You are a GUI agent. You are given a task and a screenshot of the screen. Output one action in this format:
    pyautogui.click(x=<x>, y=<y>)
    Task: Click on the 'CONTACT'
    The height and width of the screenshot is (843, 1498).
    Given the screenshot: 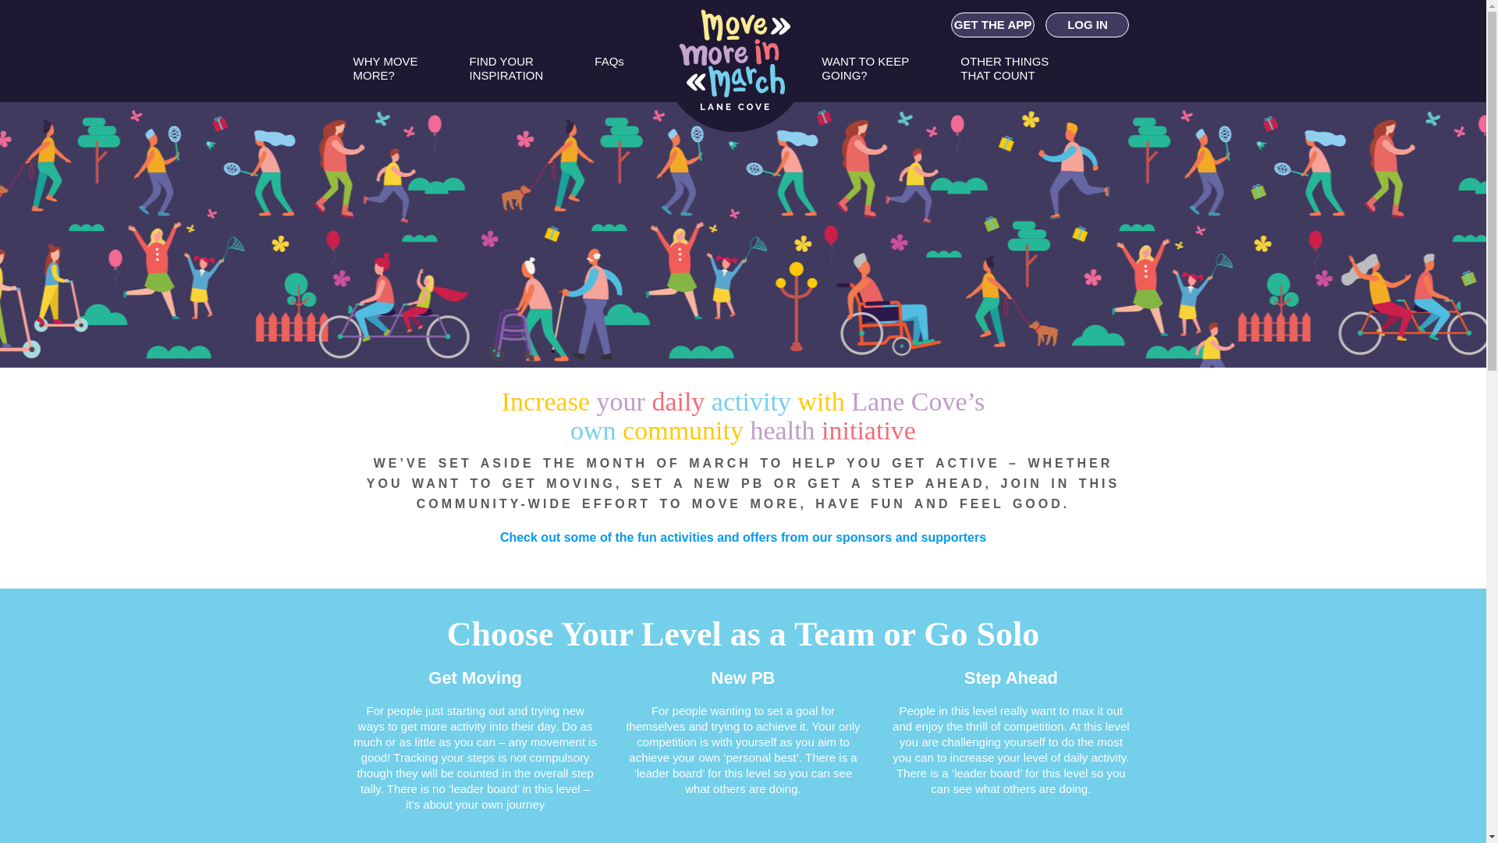 What is the action you would take?
    pyautogui.click(x=875, y=127)
    